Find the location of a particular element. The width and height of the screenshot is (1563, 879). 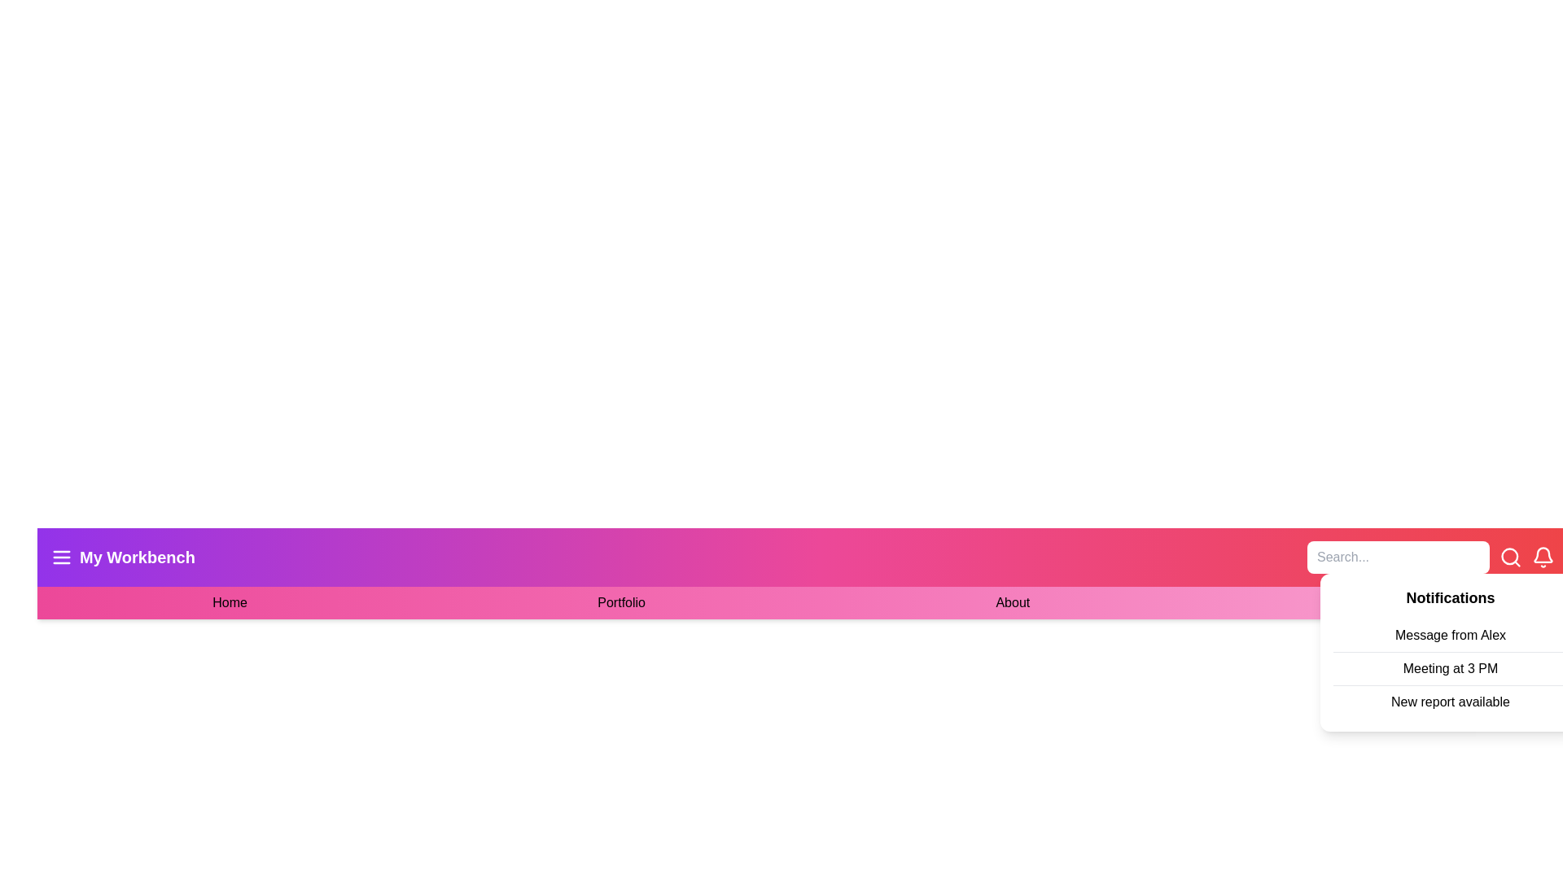

on the clickable notification icon located on the right of the search bar in the navigation bar is located at coordinates (1543, 557).